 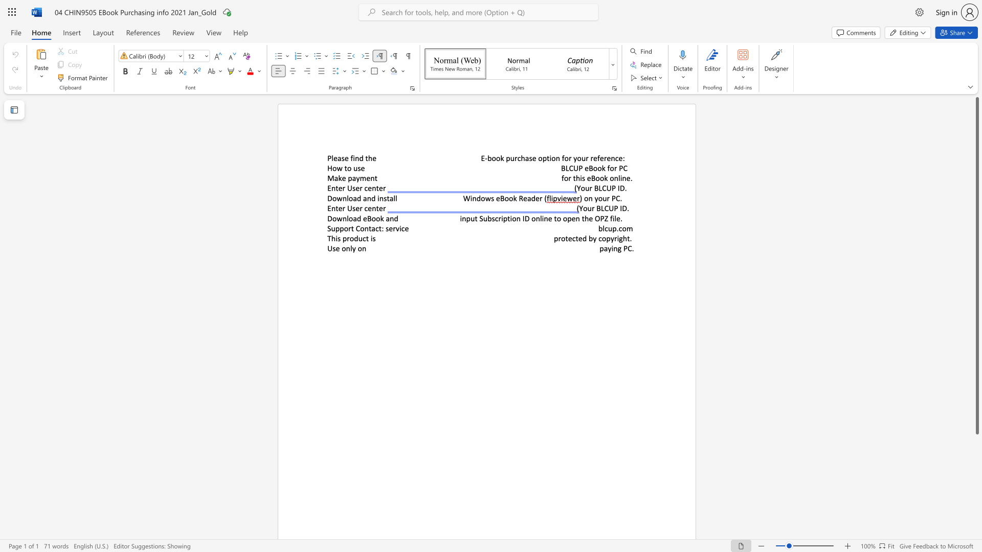 What do you see at coordinates (357, 158) in the screenshot?
I see `the 1th character "n" in the text` at bounding box center [357, 158].